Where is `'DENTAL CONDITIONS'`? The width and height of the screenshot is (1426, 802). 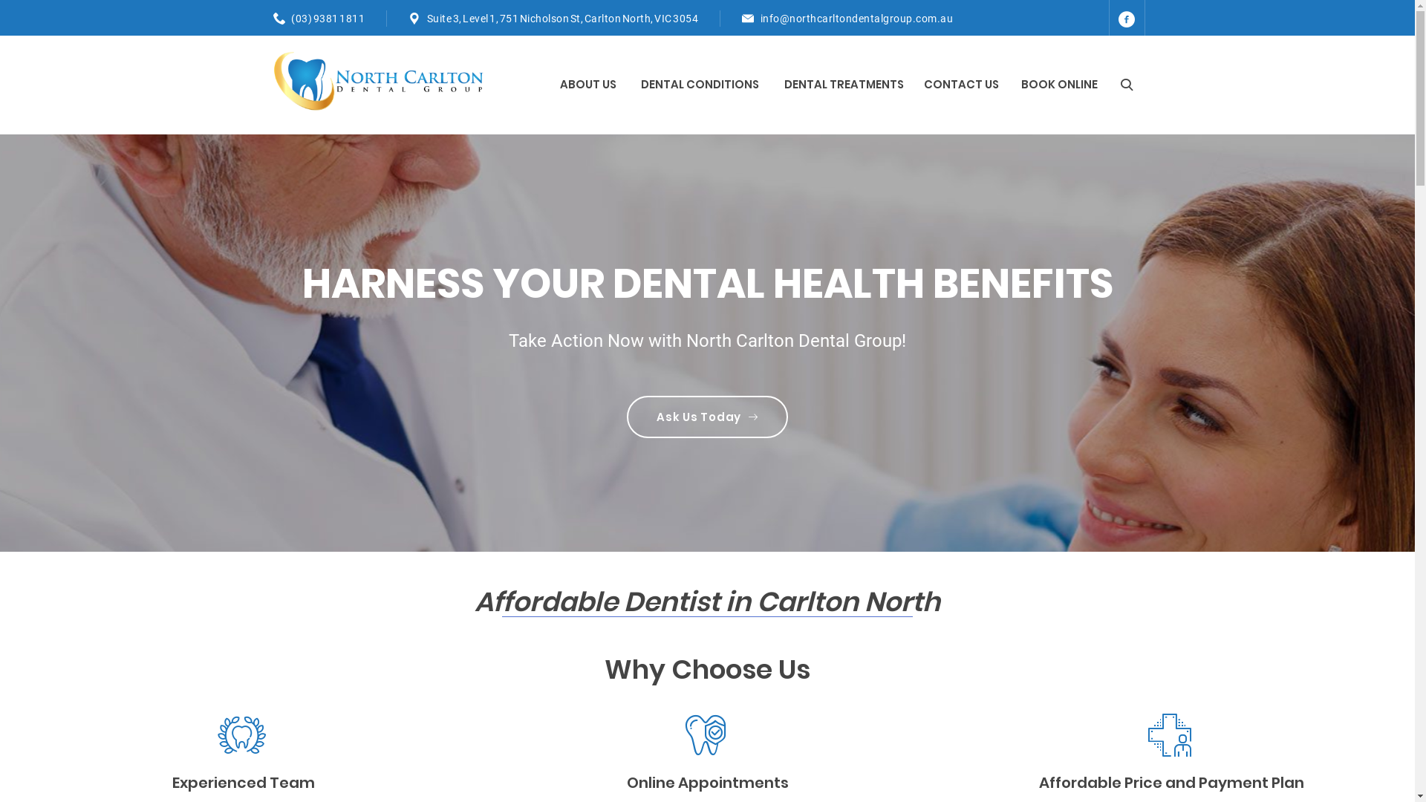
'DENTAL CONDITIONS' is located at coordinates (700, 85).